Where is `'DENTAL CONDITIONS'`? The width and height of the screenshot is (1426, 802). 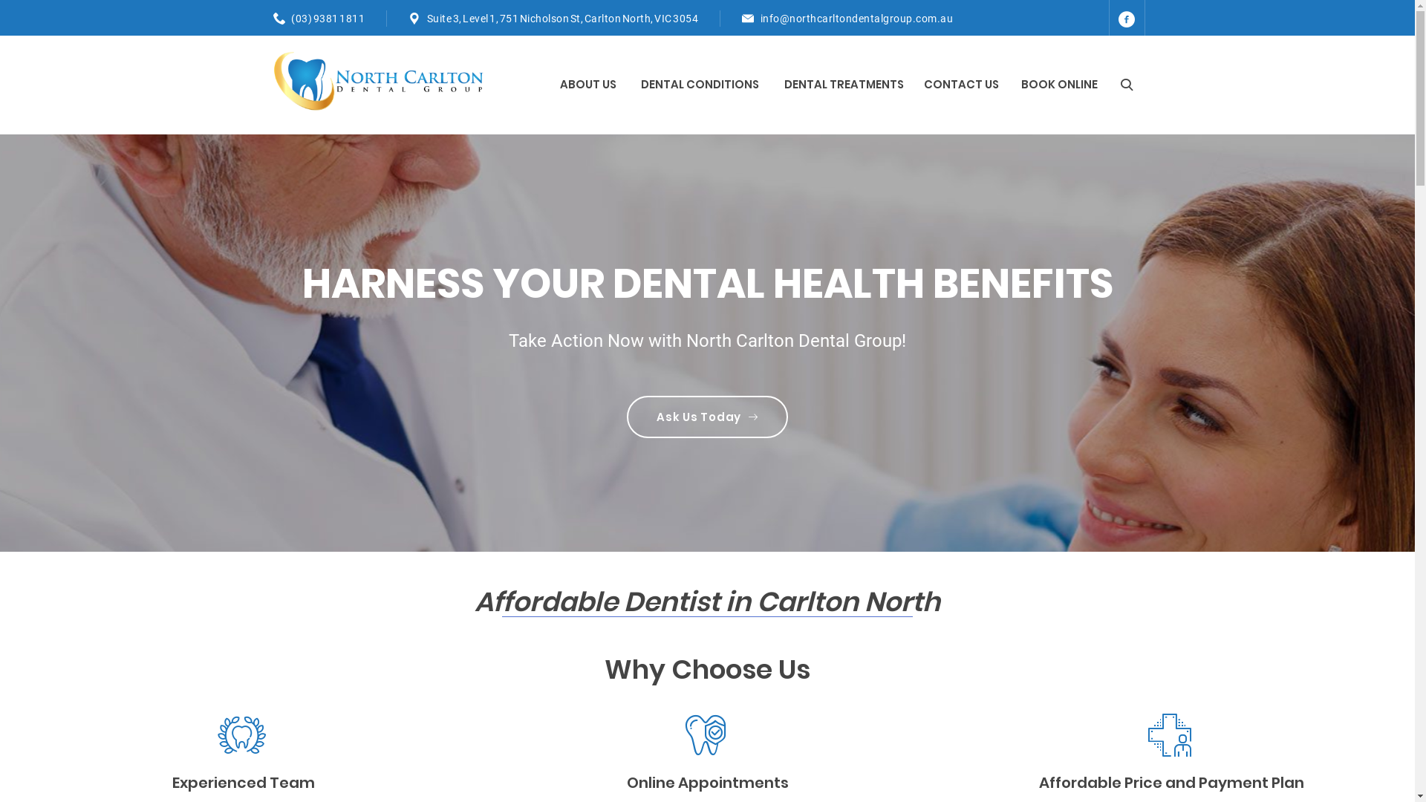
'DENTAL CONDITIONS' is located at coordinates (700, 85).